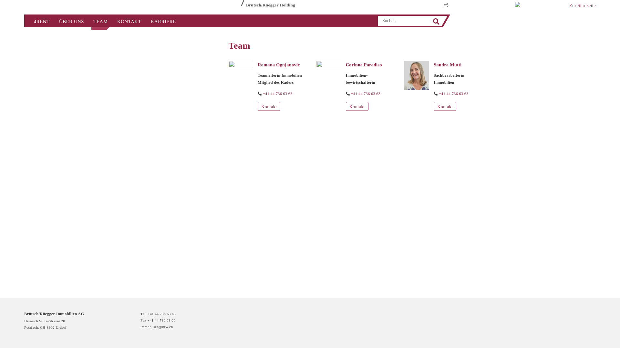 The image size is (620, 348). What do you see at coordinates (129, 21) in the screenshot?
I see `'KONTAKT'` at bounding box center [129, 21].